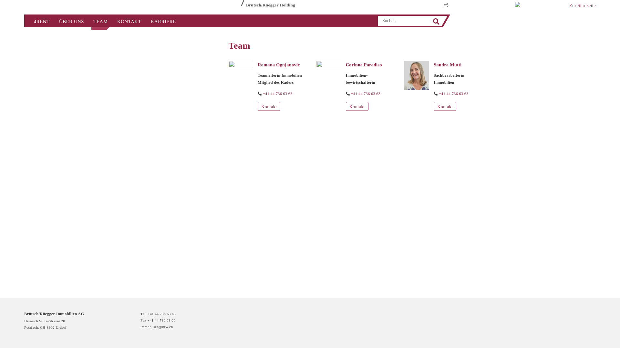 The image size is (620, 348). What do you see at coordinates (129, 21) in the screenshot?
I see `'KONTAKT'` at bounding box center [129, 21].